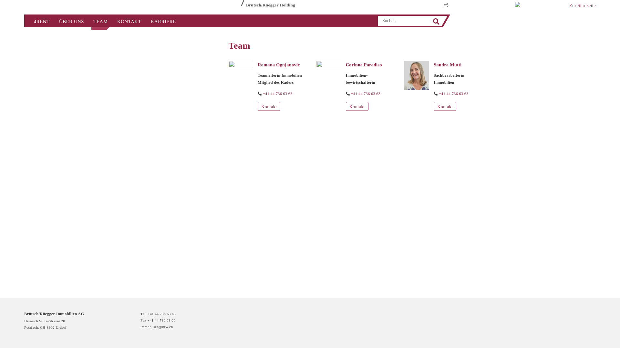 The image size is (620, 348). What do you see at coordinates (129, 21) in the screenshot?
I see `'KONTAKT'` at bounding box center [129, 21].